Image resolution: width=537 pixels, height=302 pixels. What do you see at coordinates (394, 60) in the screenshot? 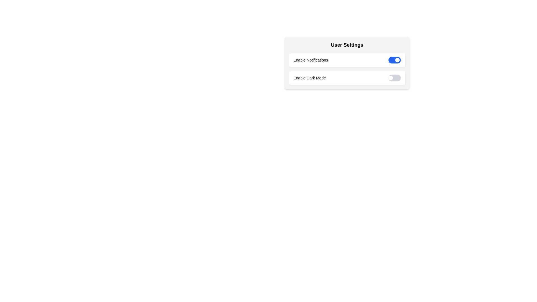
I see `the blue horizontal oval toggle switch labeled 'Enable Notifications'` at bounding box center [394, 60].